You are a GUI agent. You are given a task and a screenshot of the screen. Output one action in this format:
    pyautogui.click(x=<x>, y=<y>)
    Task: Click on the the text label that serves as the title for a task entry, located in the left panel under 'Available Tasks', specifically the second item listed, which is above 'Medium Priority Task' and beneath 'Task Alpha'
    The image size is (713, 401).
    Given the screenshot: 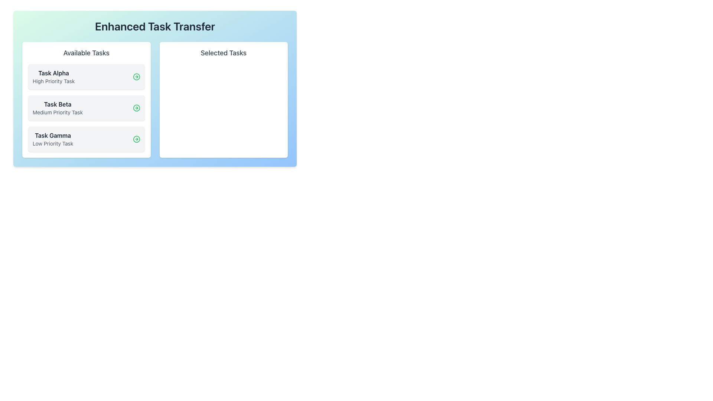 What is the action you would take?
    pyautogui.click(x=57, y=104)
    